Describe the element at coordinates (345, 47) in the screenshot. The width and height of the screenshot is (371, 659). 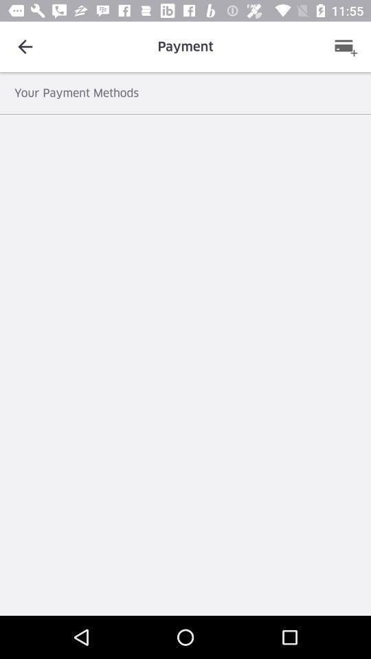
I see `the icon next to the payment item` at that location.